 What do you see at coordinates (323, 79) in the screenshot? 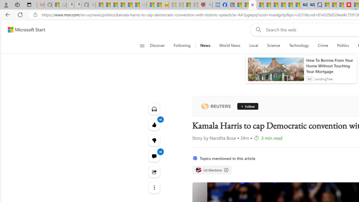
I see `'LendingTree'` at bounding box center [323, 79].